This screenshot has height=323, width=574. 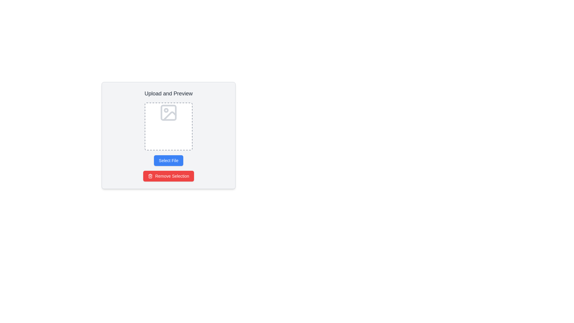 What do you see at coordinates (168, 113) in the screenshot?
I see `the upload icon that indicates a placeholder for image content, which is centered within a dashed rectangular border` at bounding box center [168, 113].